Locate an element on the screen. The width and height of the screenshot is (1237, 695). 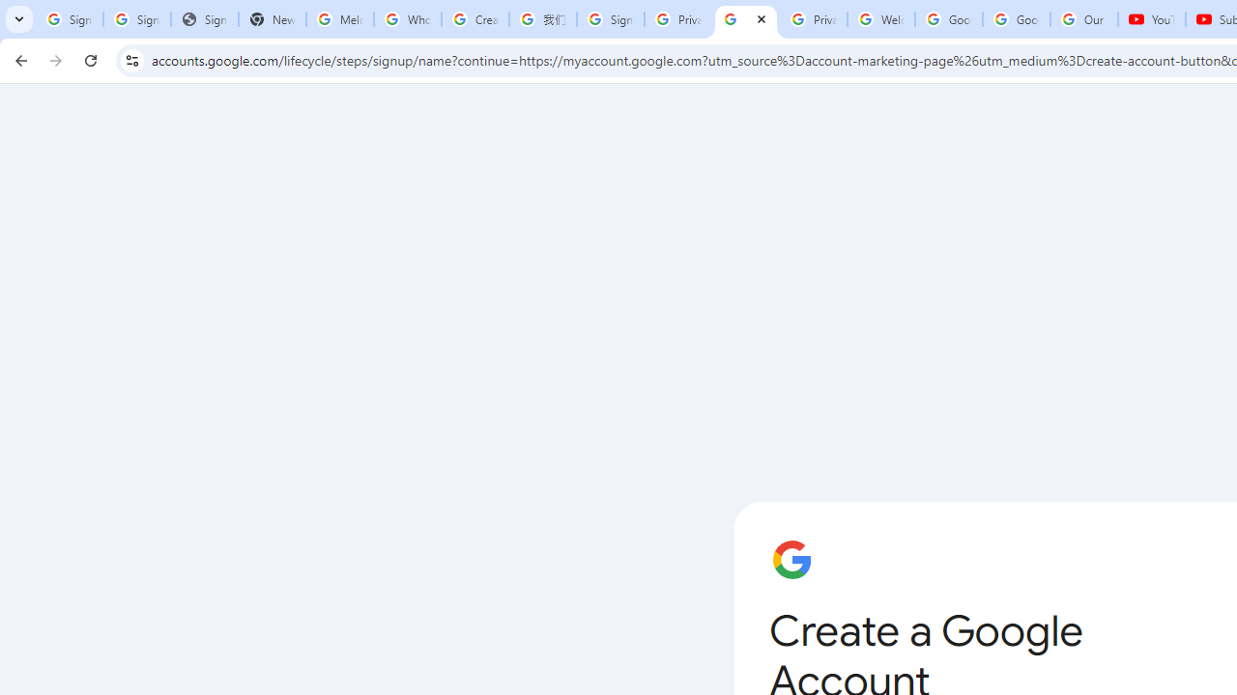
'Sign in - Google Accounts' is located at coordinates (70, 19).